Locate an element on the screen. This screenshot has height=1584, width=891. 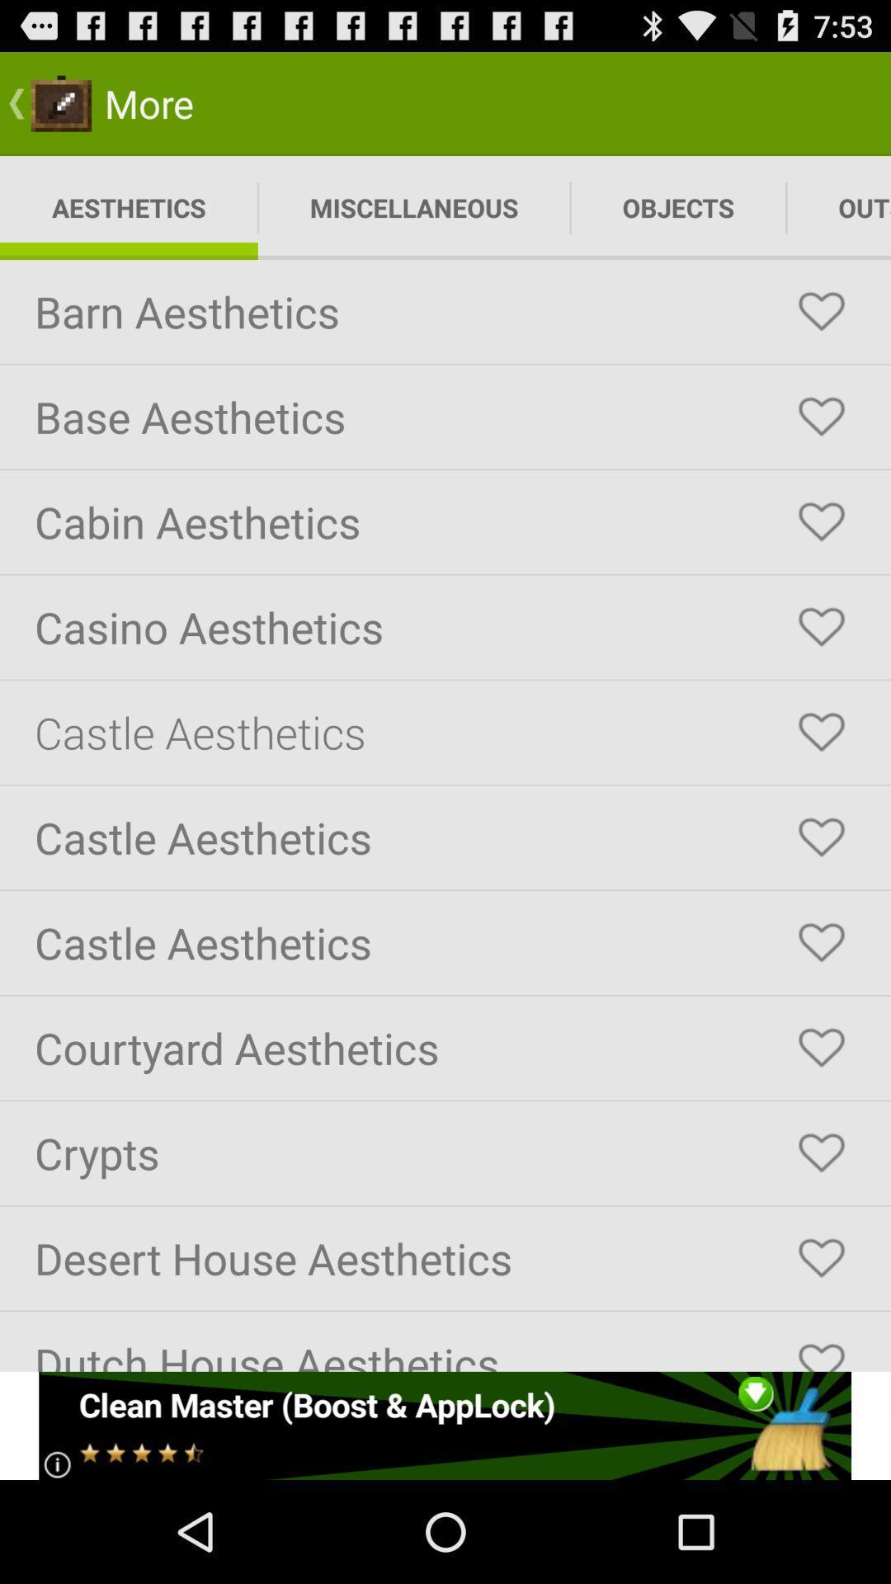
the fifth  love icon from the last is located at coordinates (821, 942).